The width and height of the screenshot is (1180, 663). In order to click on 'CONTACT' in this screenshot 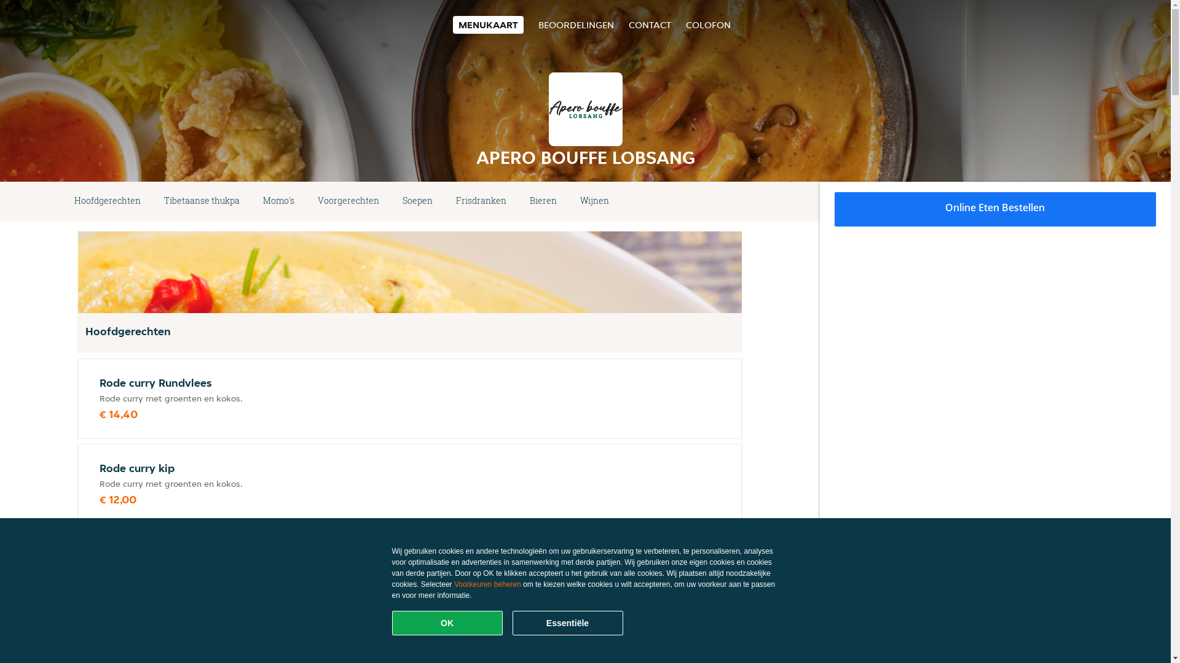, I will do `click(648, 25)`.